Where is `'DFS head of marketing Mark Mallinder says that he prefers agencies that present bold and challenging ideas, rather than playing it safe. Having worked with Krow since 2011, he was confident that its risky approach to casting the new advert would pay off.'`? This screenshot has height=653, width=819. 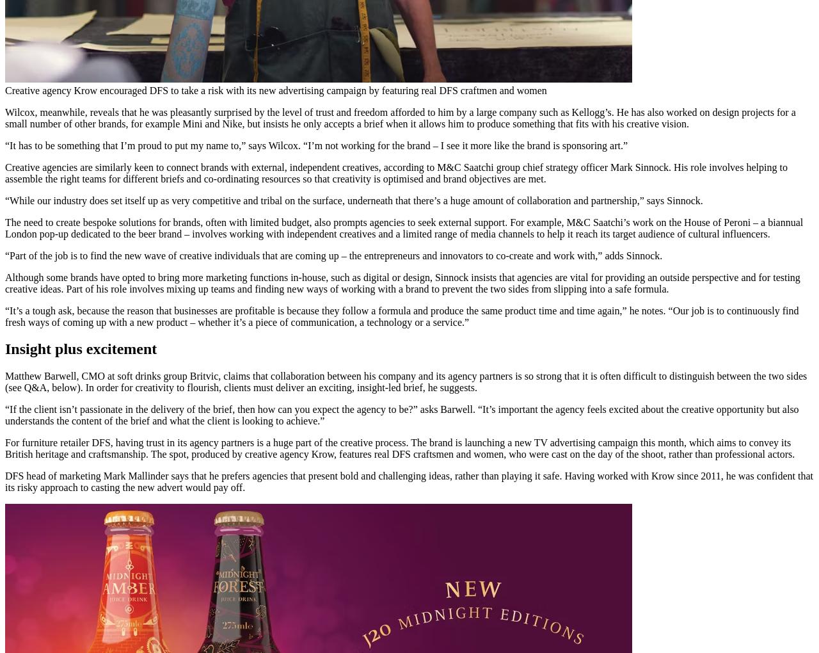
'DFS head of marketing Mark Mallinder says that he prefers agencies that present bold and challenging ideas, rather than playing it safe. Having worked with Krow since 2011, he was confident that its risky approach to casting the new advert would pay off.' is located at coordinates (408, 481).